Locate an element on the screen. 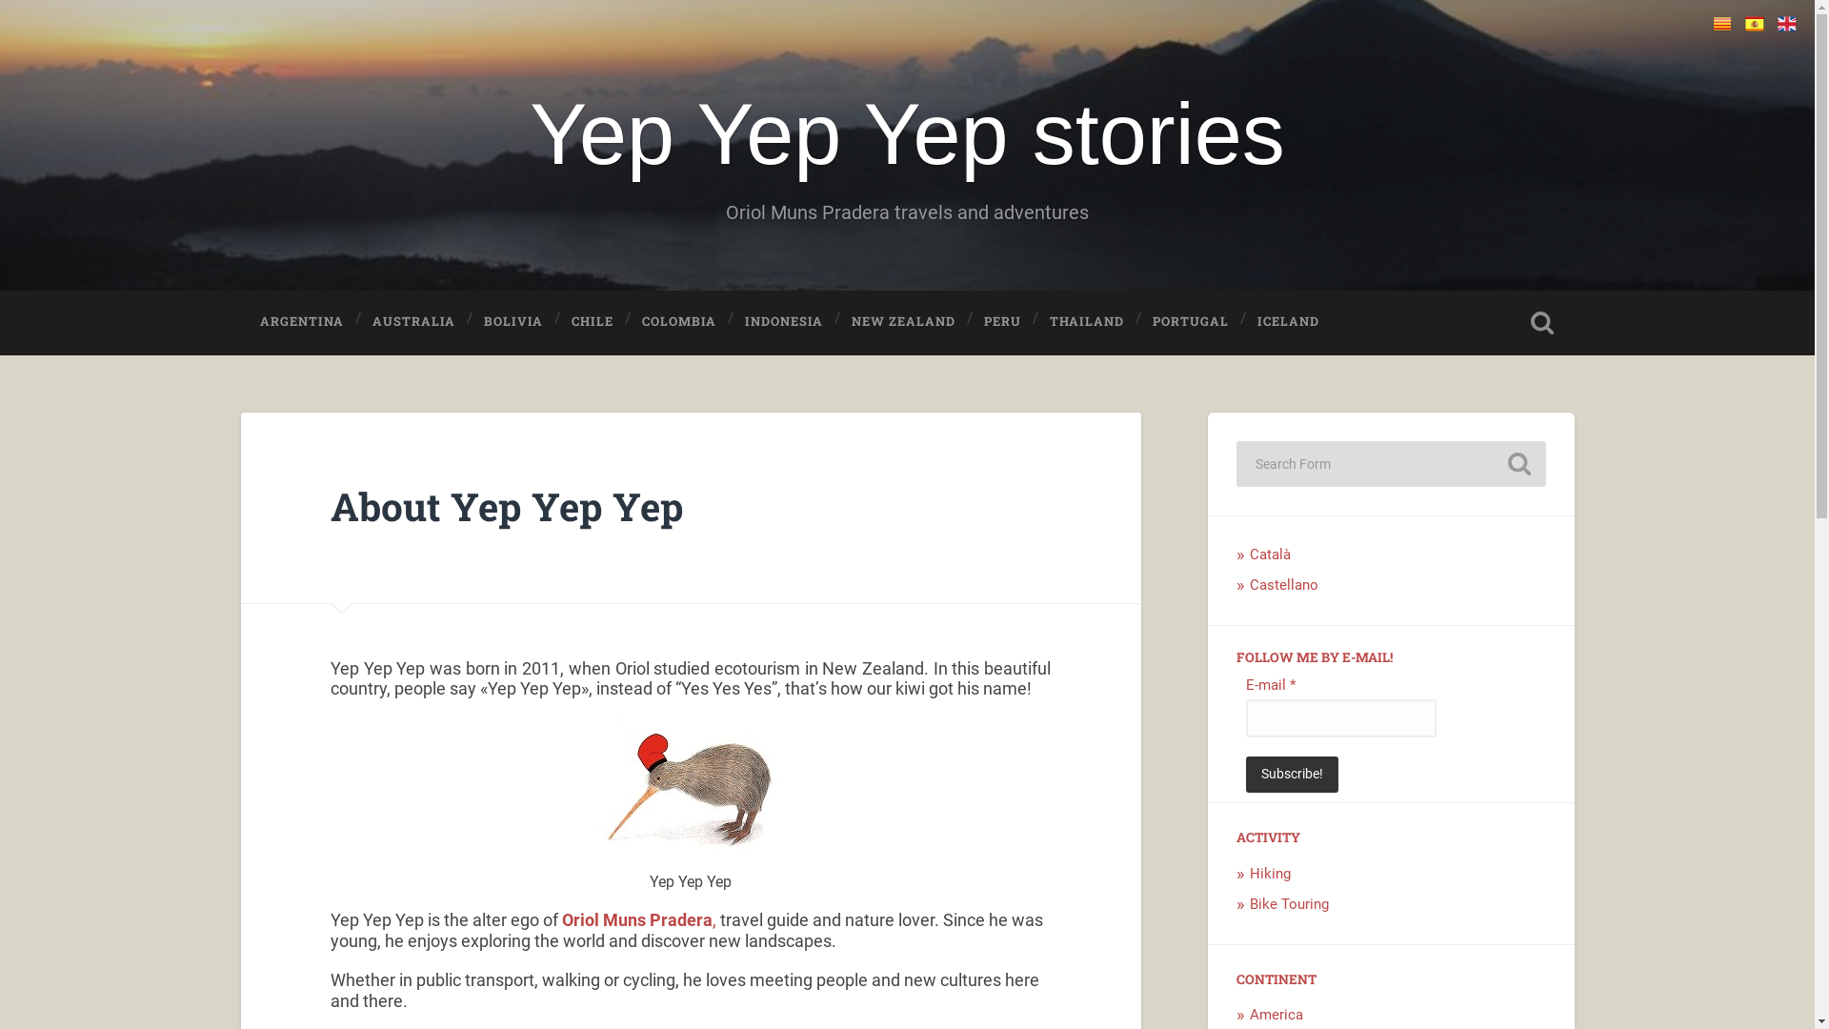  'Catalan' is located at coordinates (1722, 23).